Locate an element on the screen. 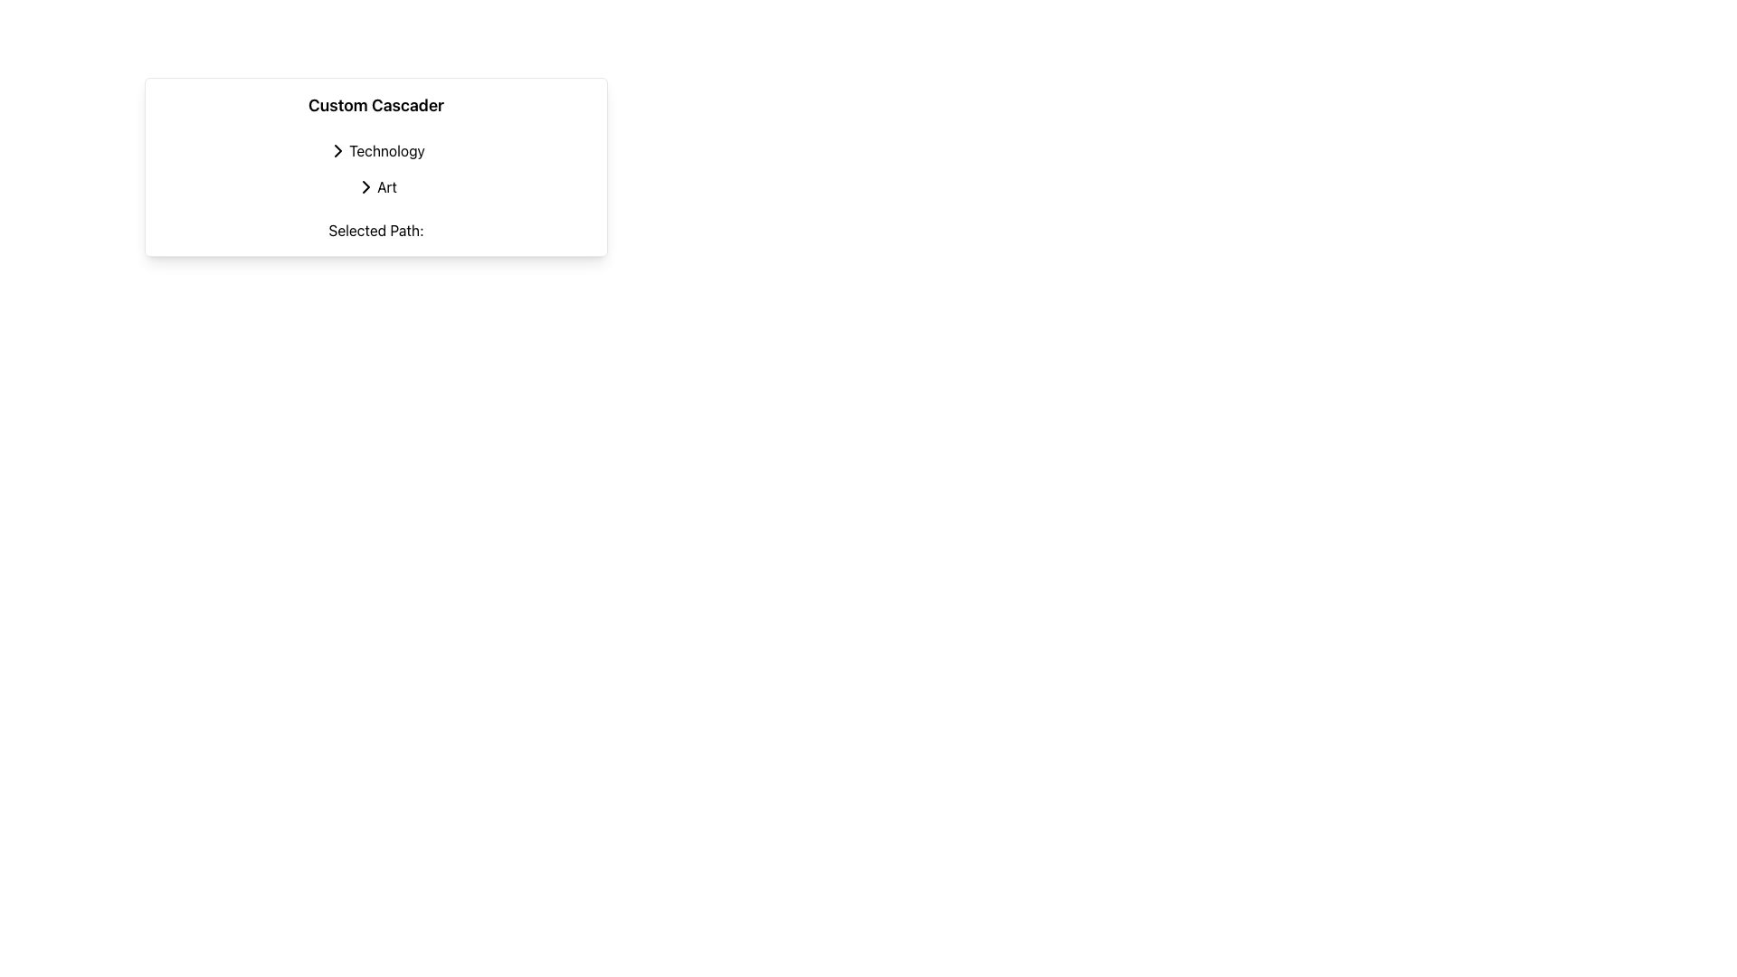 The height and width of the screenshot is (977, 1737). the 'Custom Cascader' text element, which is displayed in bold at the top of a card-like structure, centered above 'Technology' and 'Art' items is located at coordinates (375, 105).